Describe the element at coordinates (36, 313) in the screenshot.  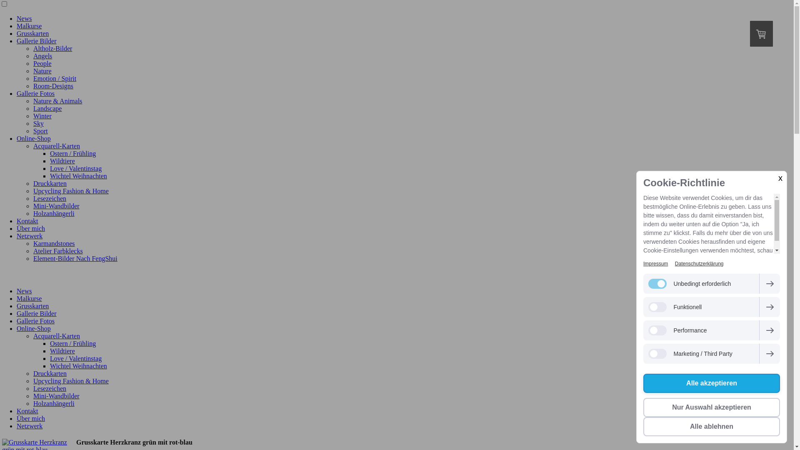
I see `'Gallerie Bilder'` at that location.